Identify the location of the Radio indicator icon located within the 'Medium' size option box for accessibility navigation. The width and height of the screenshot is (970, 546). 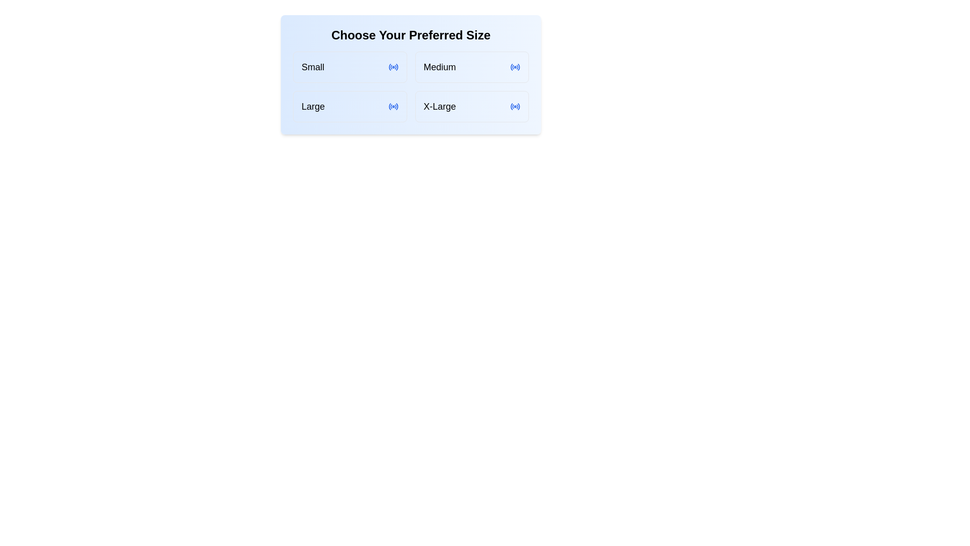
(515, 67).